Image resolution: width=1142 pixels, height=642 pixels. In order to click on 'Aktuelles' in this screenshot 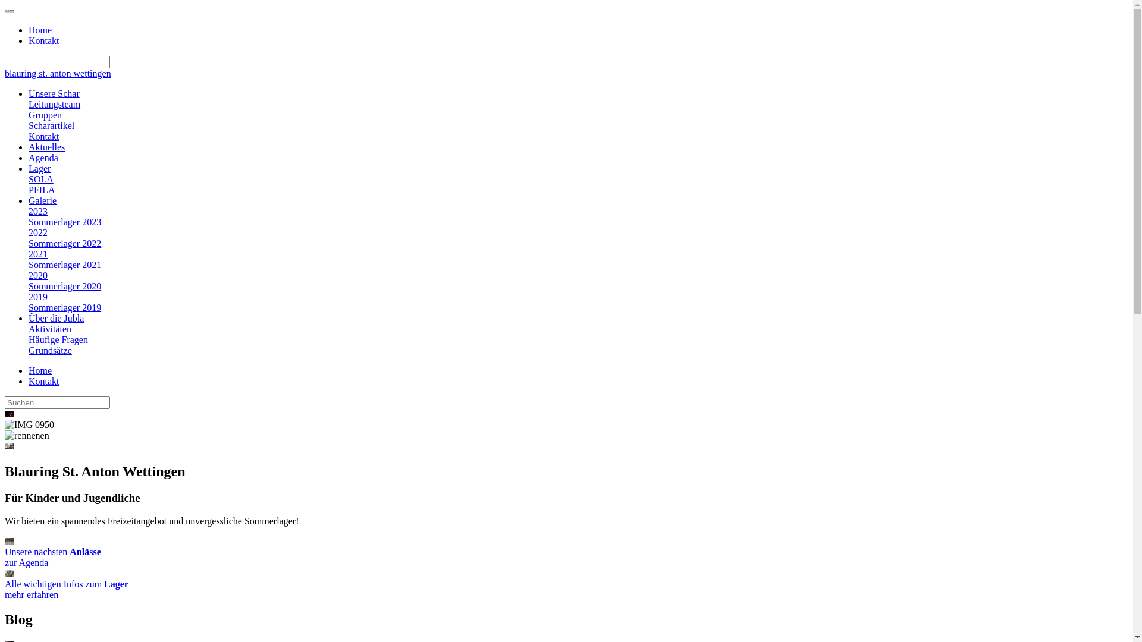, I will do `click(46, 146)`.